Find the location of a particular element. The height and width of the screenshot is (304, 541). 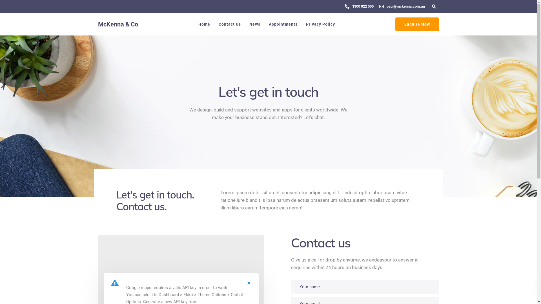

'1300 022 500' is located at coordinates (364, 6).